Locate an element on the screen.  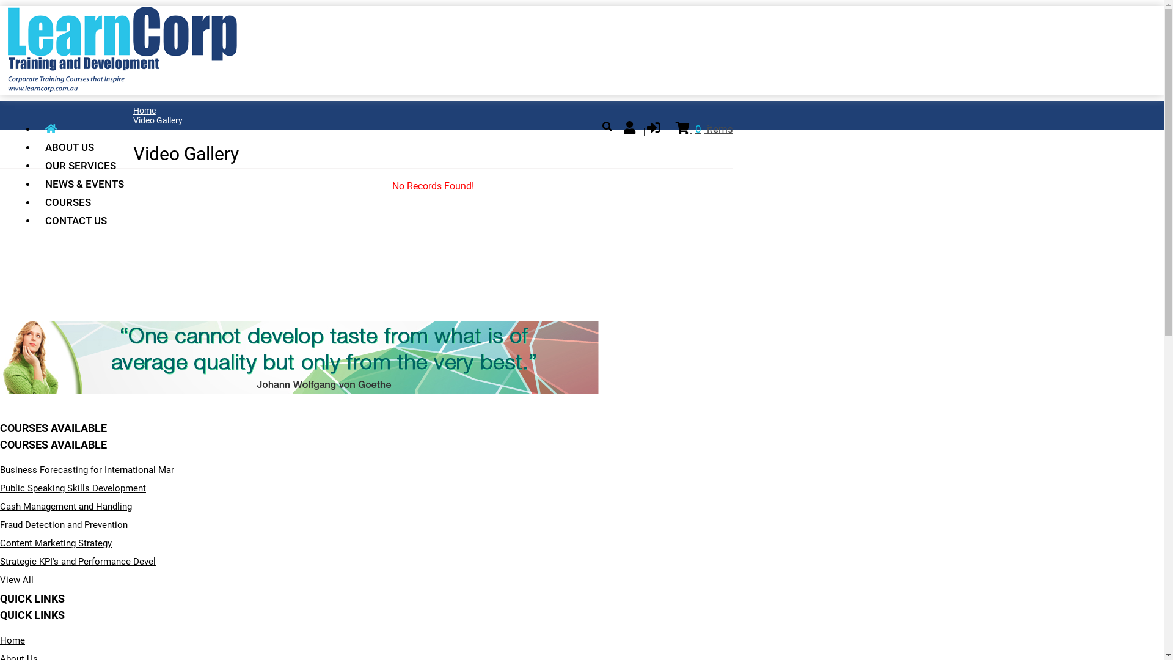
'Fraud Detection and Prevention' is located at coordinates (63, 524).